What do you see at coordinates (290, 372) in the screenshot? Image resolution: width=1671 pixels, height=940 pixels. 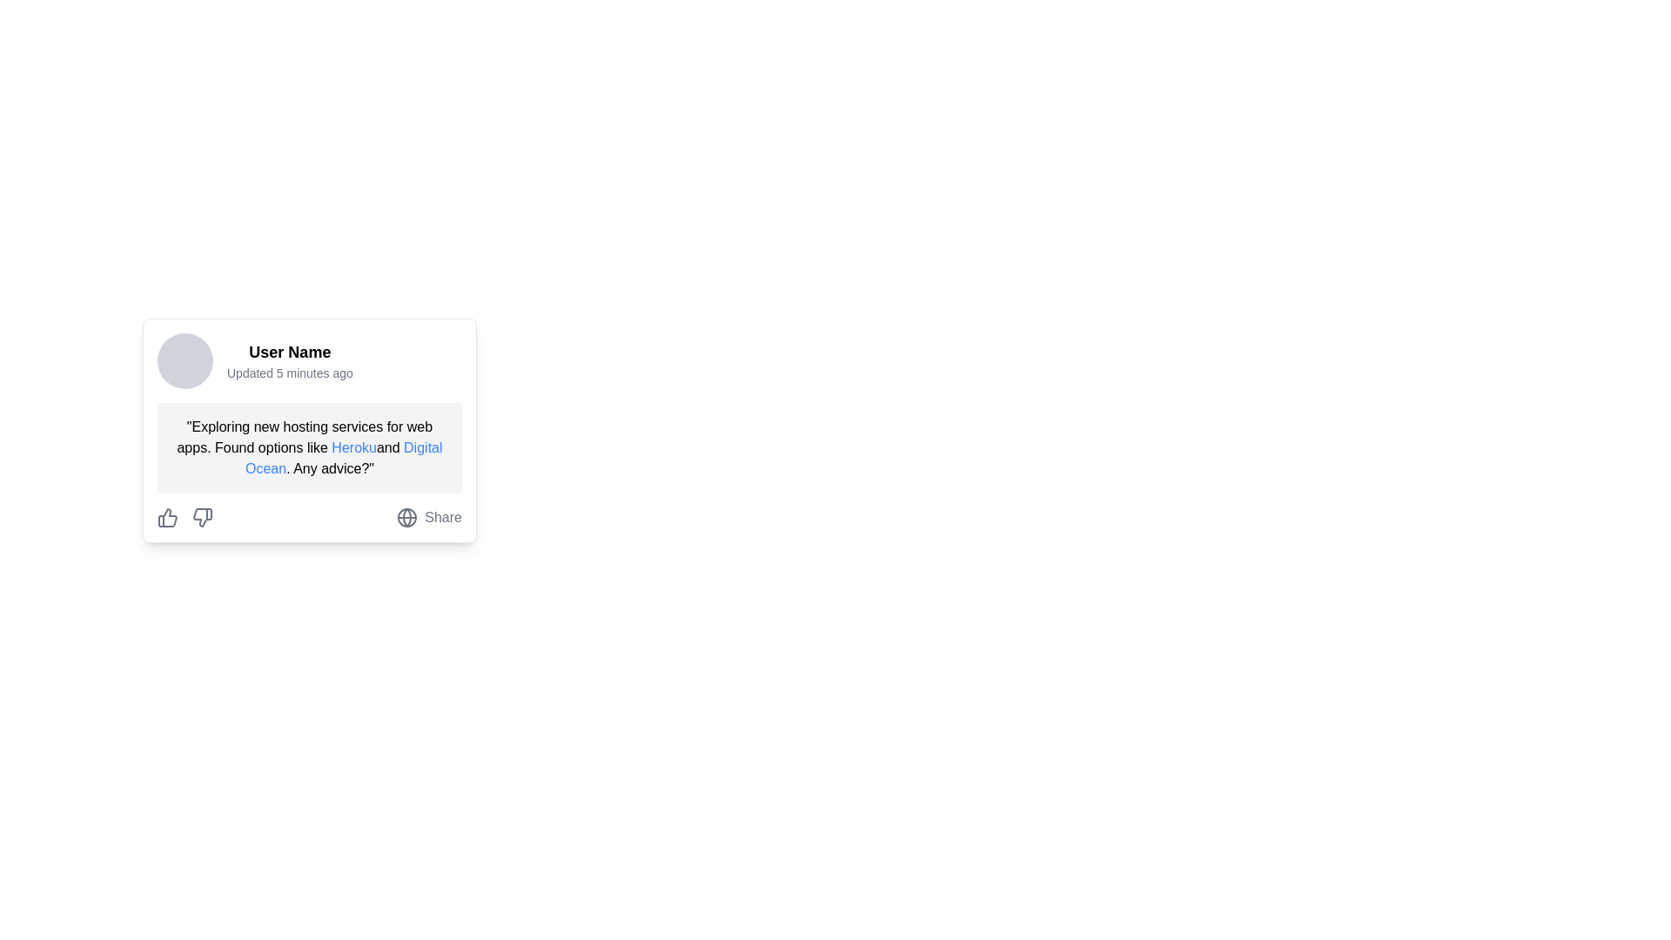 I see `the small, gray, italicized text label stating 'Updated 5 minutes ago' located directly underneath the 'User Name' text in the profile card` at bounding box center [290, 372].